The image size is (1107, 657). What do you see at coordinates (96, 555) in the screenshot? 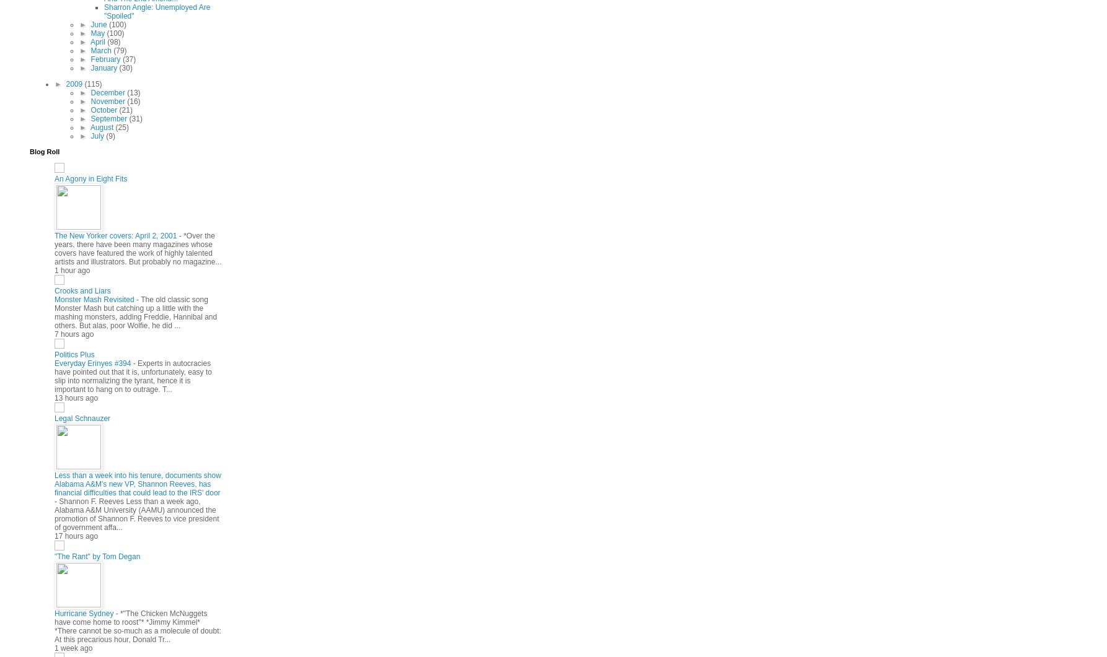
I see `'"The Rant" by Tom Degan'` at bounding box center [96, 555].